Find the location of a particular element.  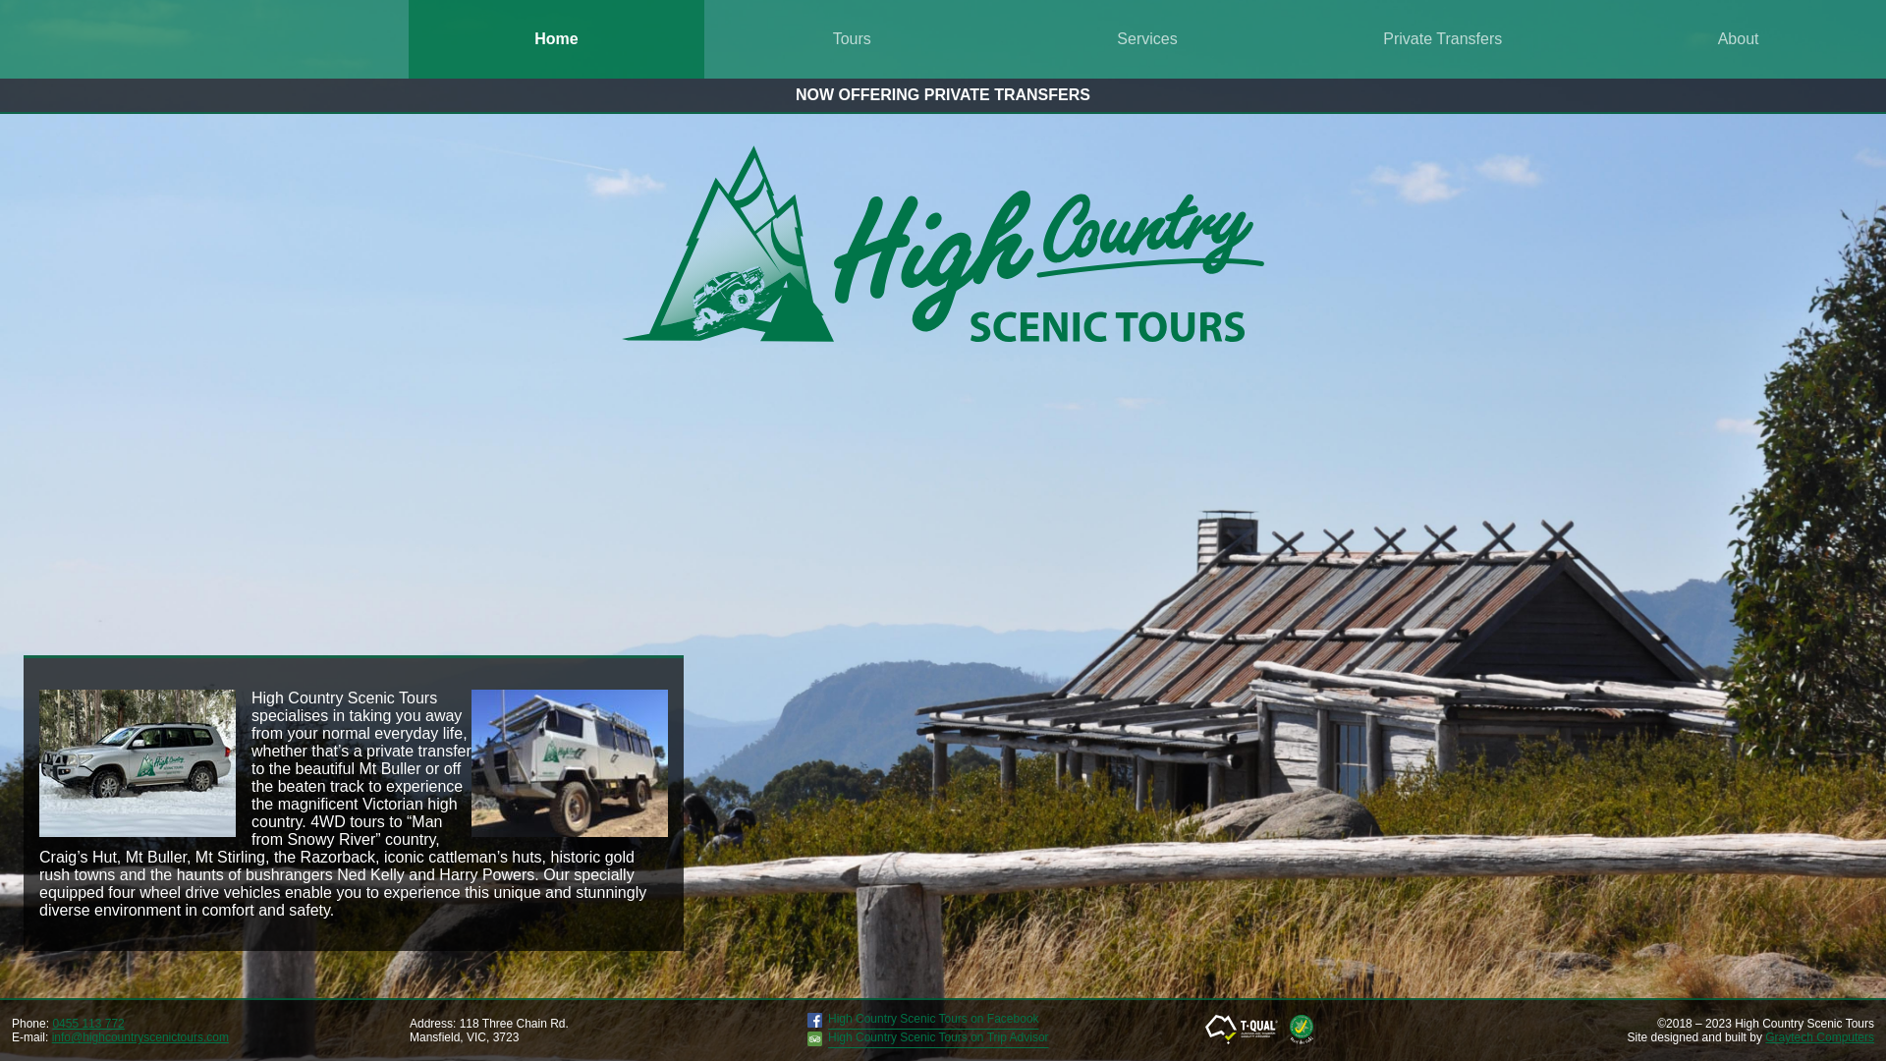

'Services' is located at coordinates (1147, 38).